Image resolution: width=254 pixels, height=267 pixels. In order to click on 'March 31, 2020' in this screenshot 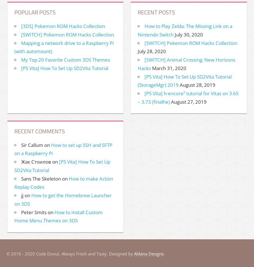, I will do `click(169, 68)`.